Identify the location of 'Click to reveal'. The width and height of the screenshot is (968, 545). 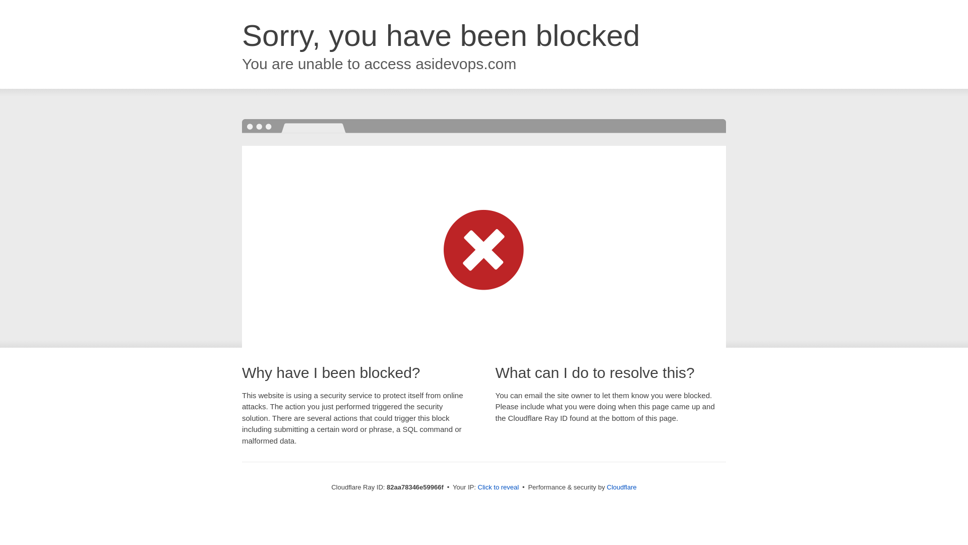
(477, 486).